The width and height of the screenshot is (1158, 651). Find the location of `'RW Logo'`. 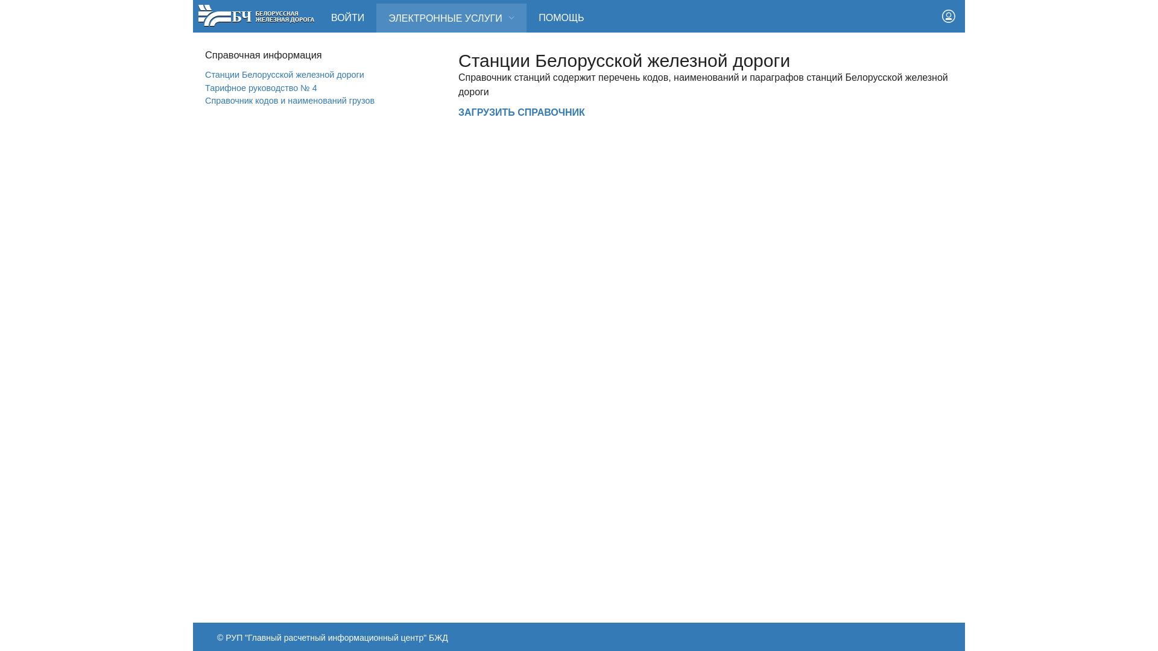

'RW Logo' is located at coordinates (197, 14).